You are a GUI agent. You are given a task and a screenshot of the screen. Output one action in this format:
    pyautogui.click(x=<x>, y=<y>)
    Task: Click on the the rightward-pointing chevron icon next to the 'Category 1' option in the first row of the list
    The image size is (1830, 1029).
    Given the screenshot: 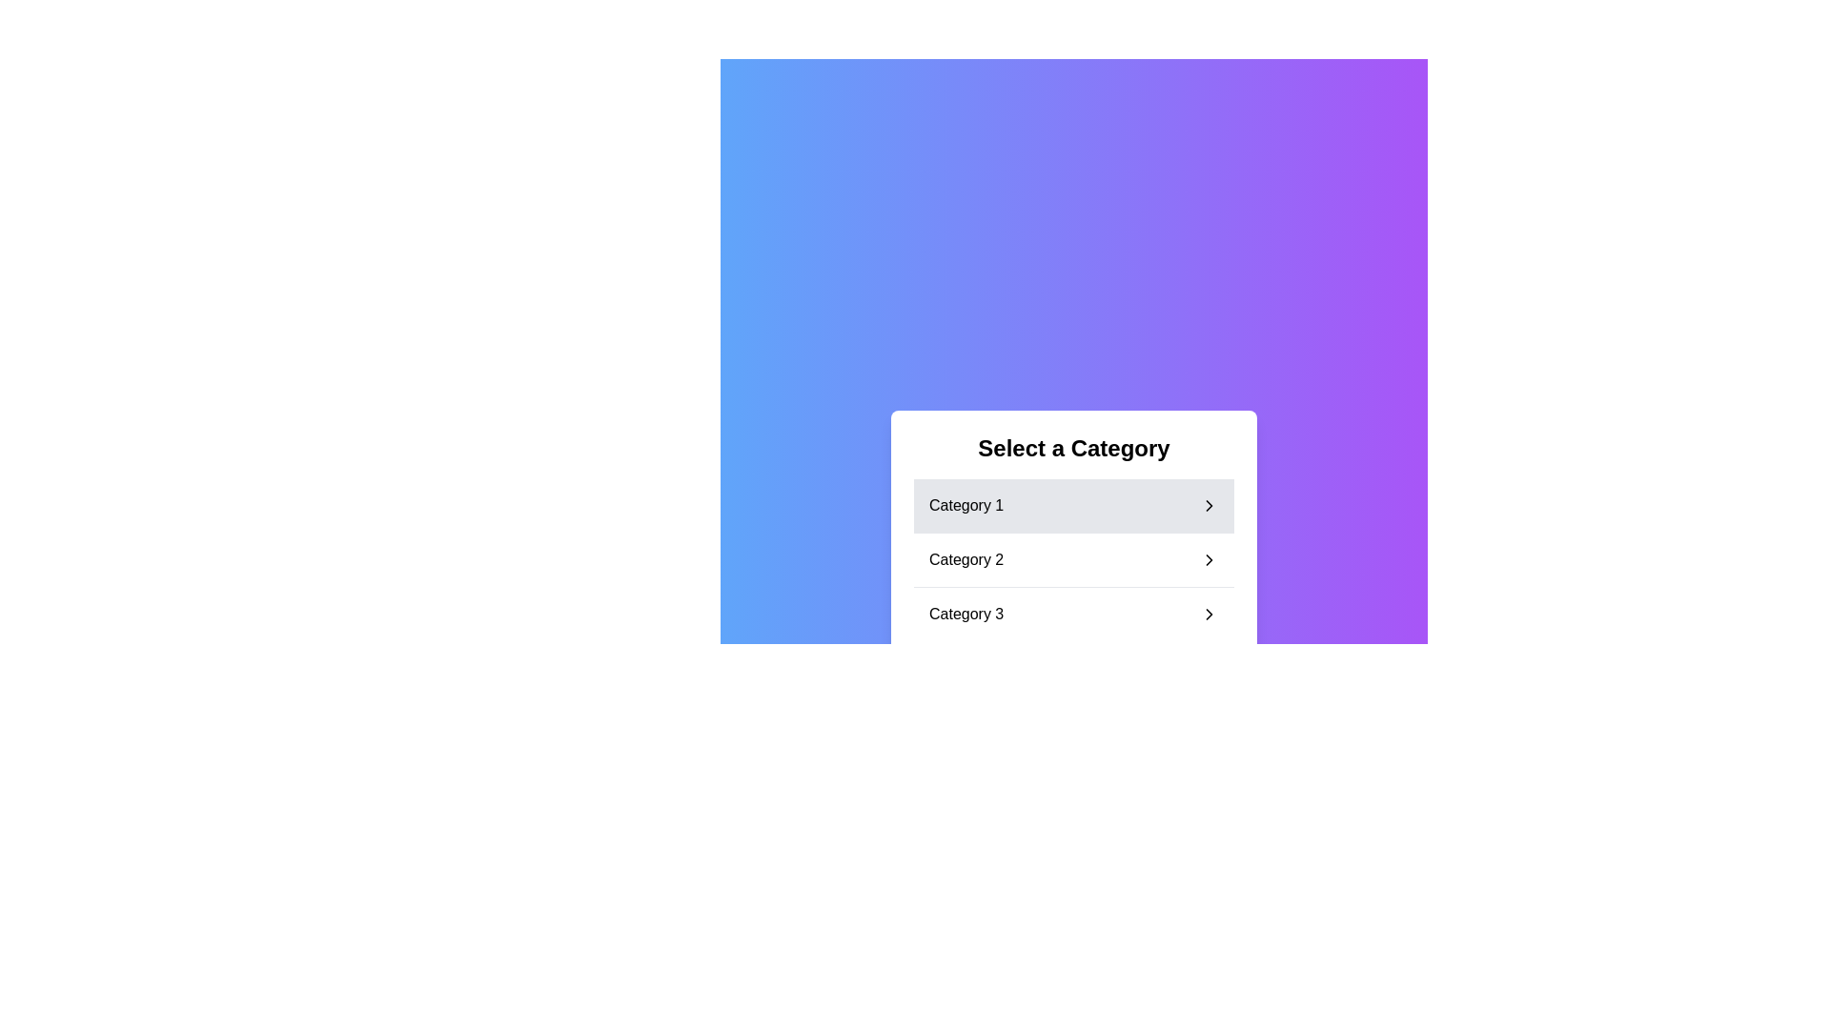 What is the action you would take?
    pyautogui.click(x=1208, y=505)
    